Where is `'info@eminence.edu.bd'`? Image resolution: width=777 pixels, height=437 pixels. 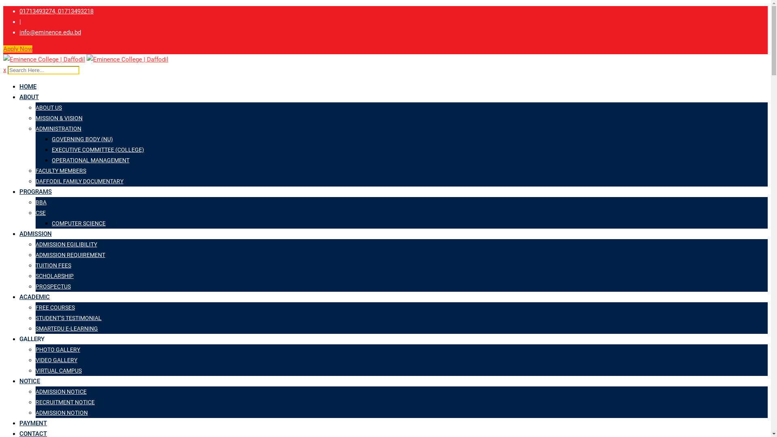 'info@eminence.edu.bd' is located at coordinates (50, 32).